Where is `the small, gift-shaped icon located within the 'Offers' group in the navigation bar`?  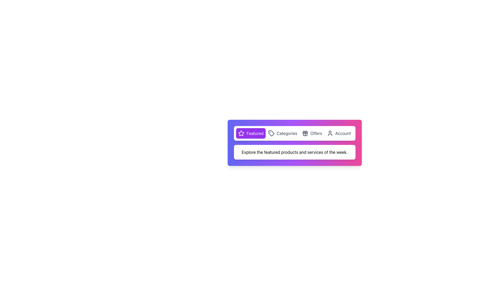 the small, gift-shaped icon located within the 'Offers' group in the navigation bar is located at coordinates (305, 133).